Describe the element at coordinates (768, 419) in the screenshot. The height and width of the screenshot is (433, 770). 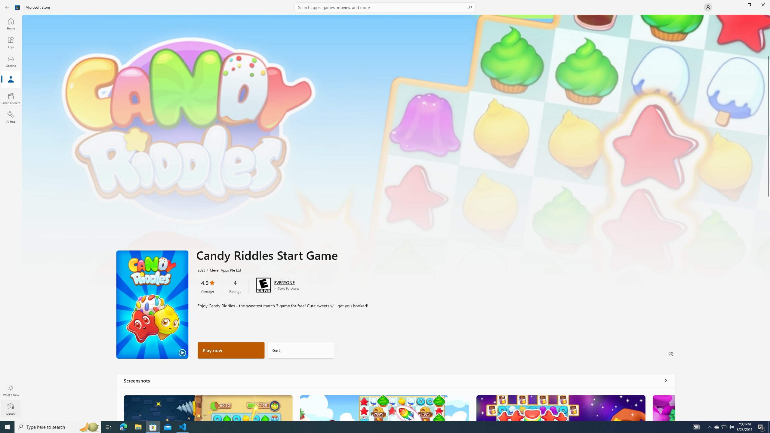
I see `'Vertical Small Increase'` at that location.